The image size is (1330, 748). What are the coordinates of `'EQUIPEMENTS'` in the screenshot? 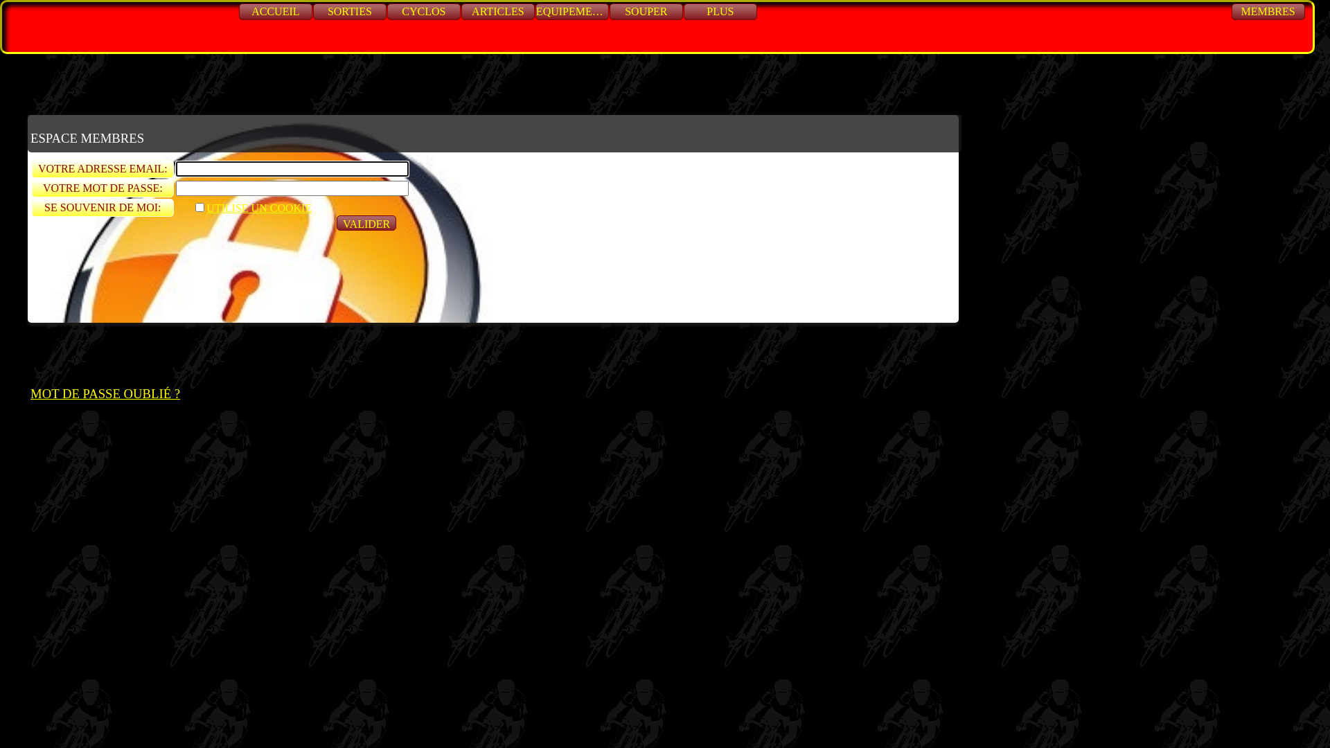 It's located at (534, 11).